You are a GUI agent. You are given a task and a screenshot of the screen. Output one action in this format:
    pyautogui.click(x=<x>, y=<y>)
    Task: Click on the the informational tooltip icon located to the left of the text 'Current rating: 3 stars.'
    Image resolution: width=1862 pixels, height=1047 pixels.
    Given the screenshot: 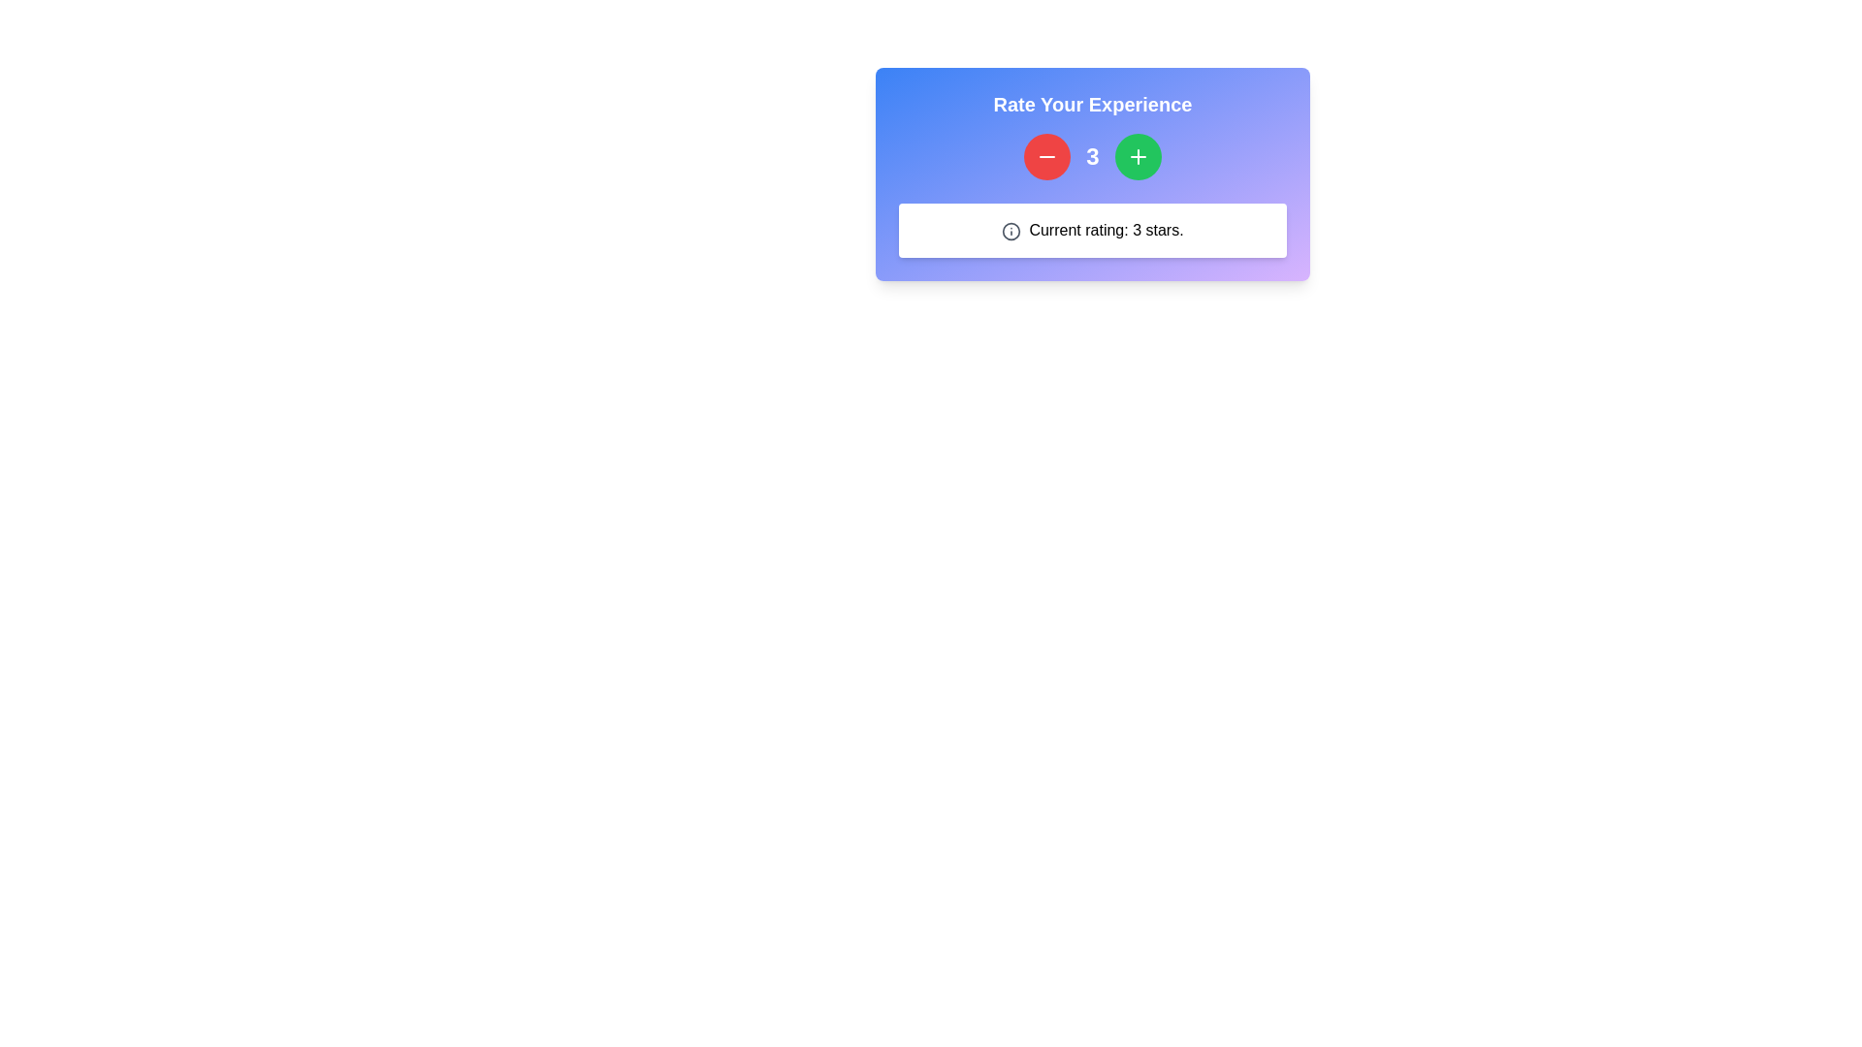 What is the action you would take?
    pyautogui.click(x=1011, y=230)
    